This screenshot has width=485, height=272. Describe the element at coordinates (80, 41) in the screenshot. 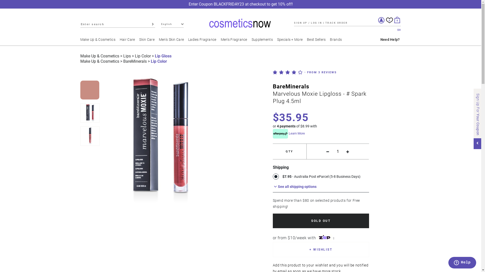

I see `'Make Up & Cosmetics'` at that location.